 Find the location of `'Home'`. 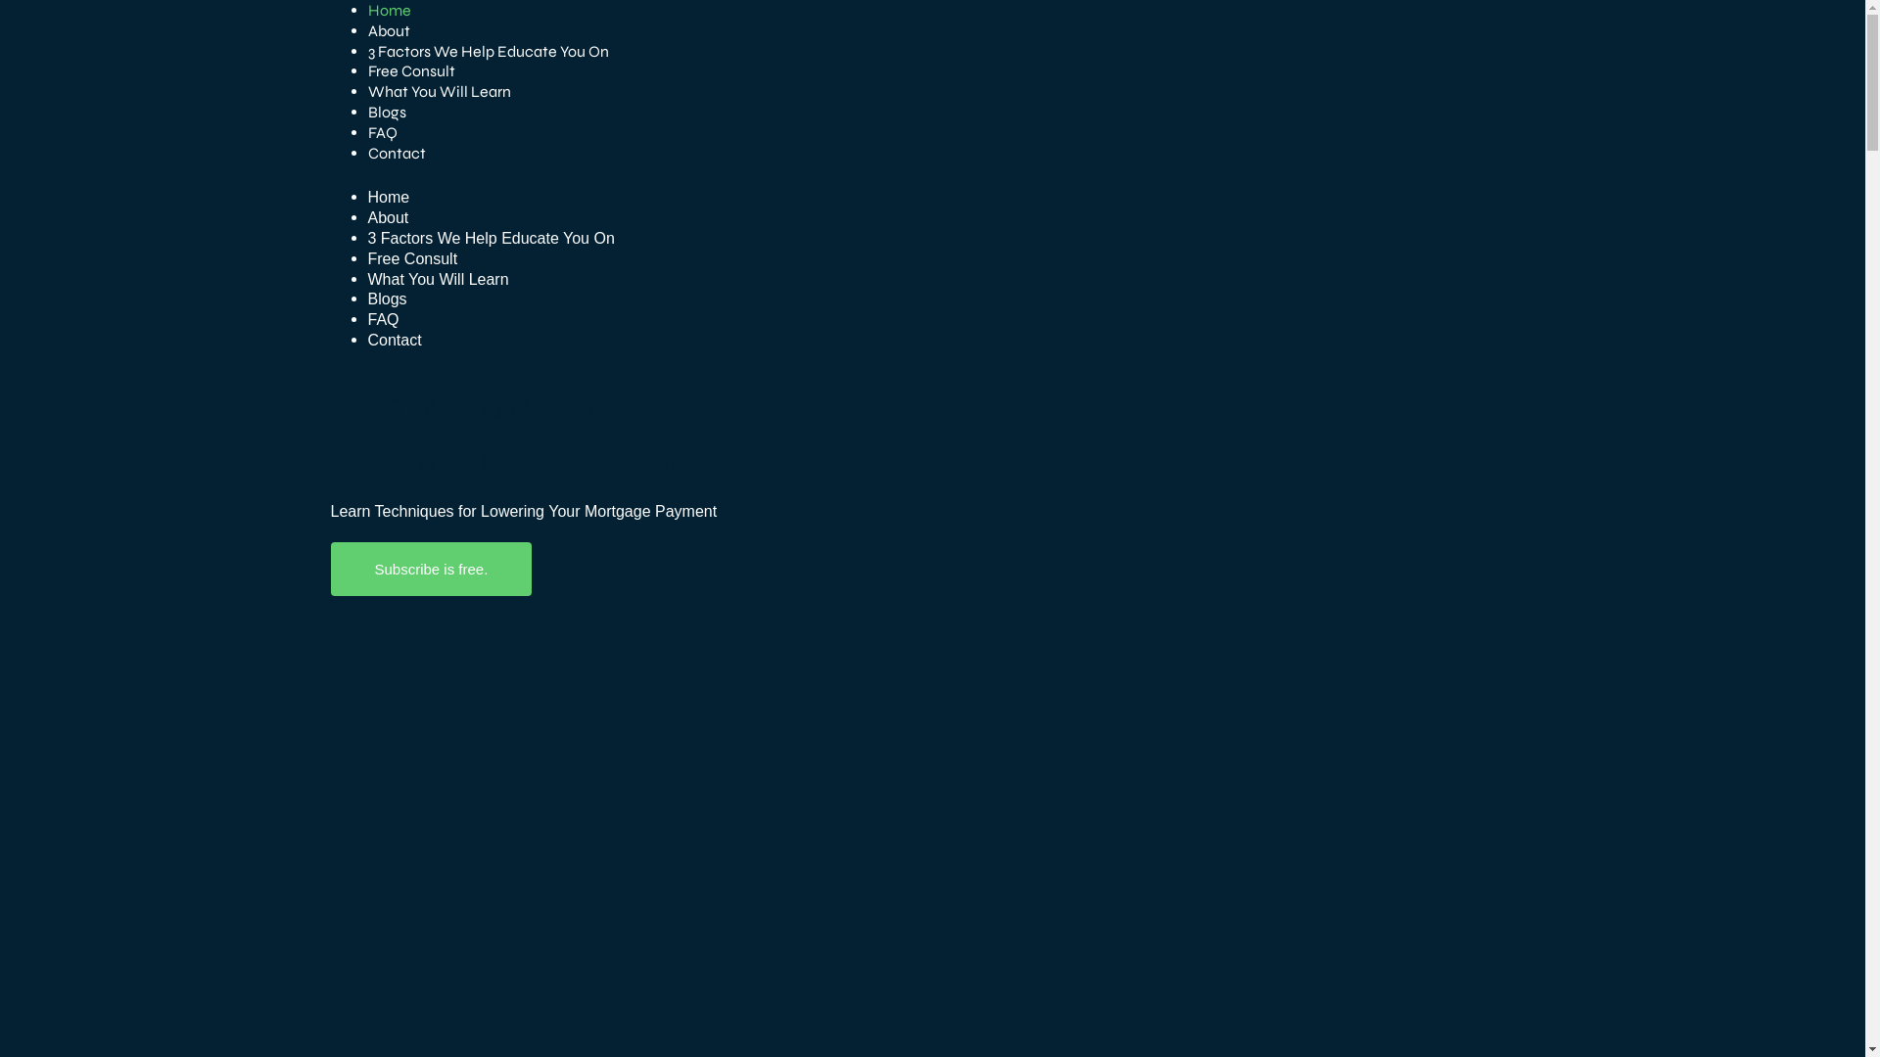

'Home' is located at coordinates (367, 197).